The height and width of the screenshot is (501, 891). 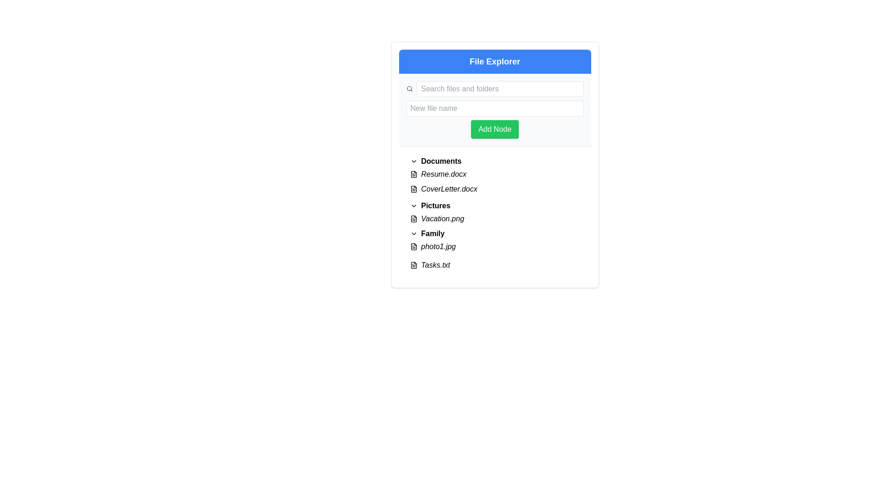 What do you see at coordinates (413, 233) in the screenshot?
I see `the toggle icon` at bounding box center [413, 233].